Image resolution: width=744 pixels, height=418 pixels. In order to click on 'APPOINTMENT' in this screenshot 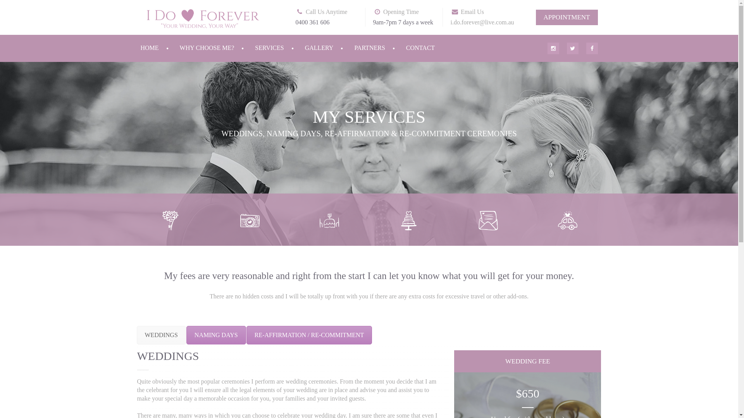, I will do `click(535, 17)`.